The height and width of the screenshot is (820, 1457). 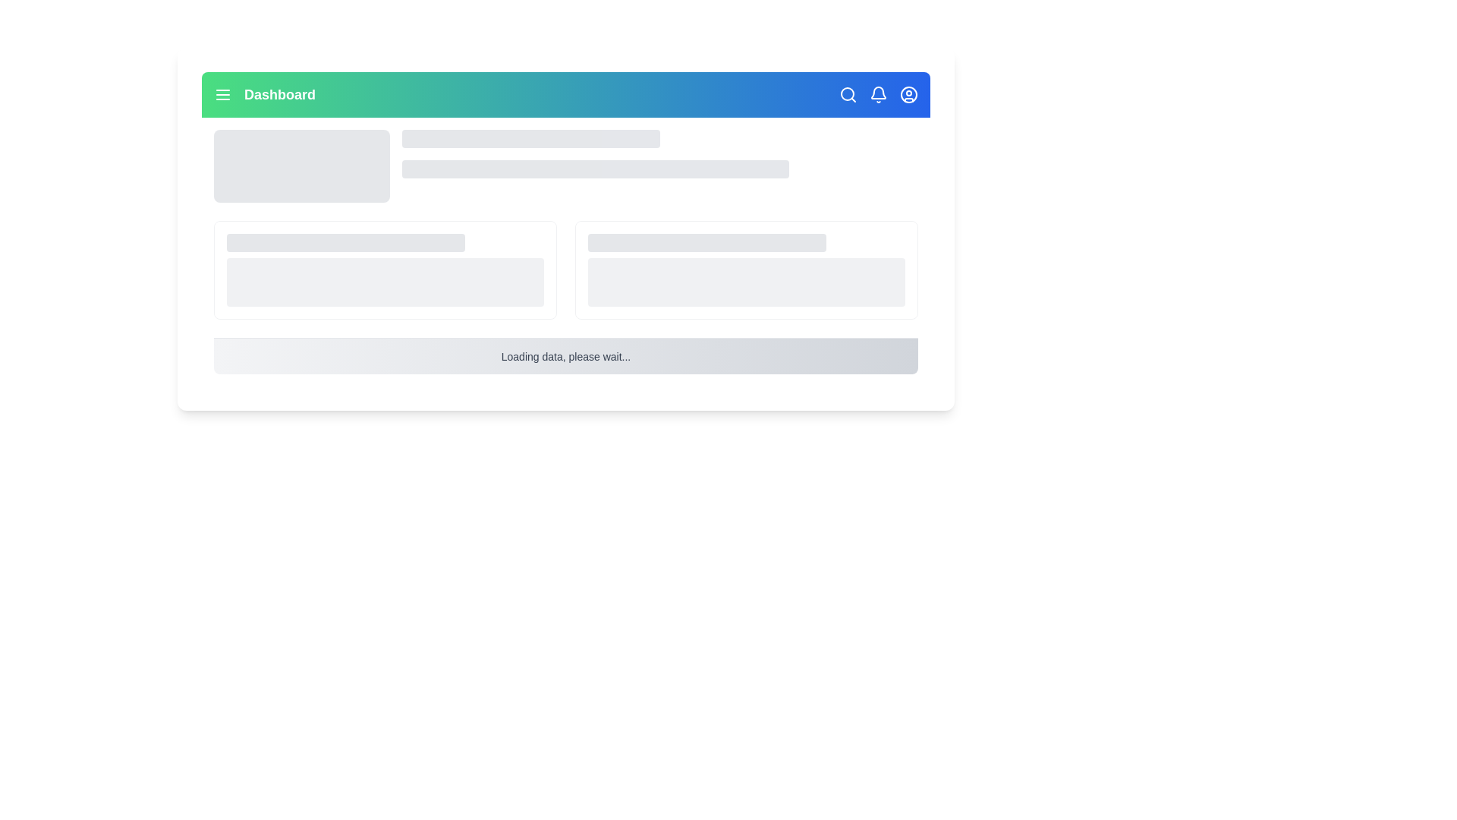 I want to click on the bell-shaped notification icon located in the top navigation bar, positioned to the right of the search magnifying glass and to the left of the user profile icon, so click(x=878, y=93).